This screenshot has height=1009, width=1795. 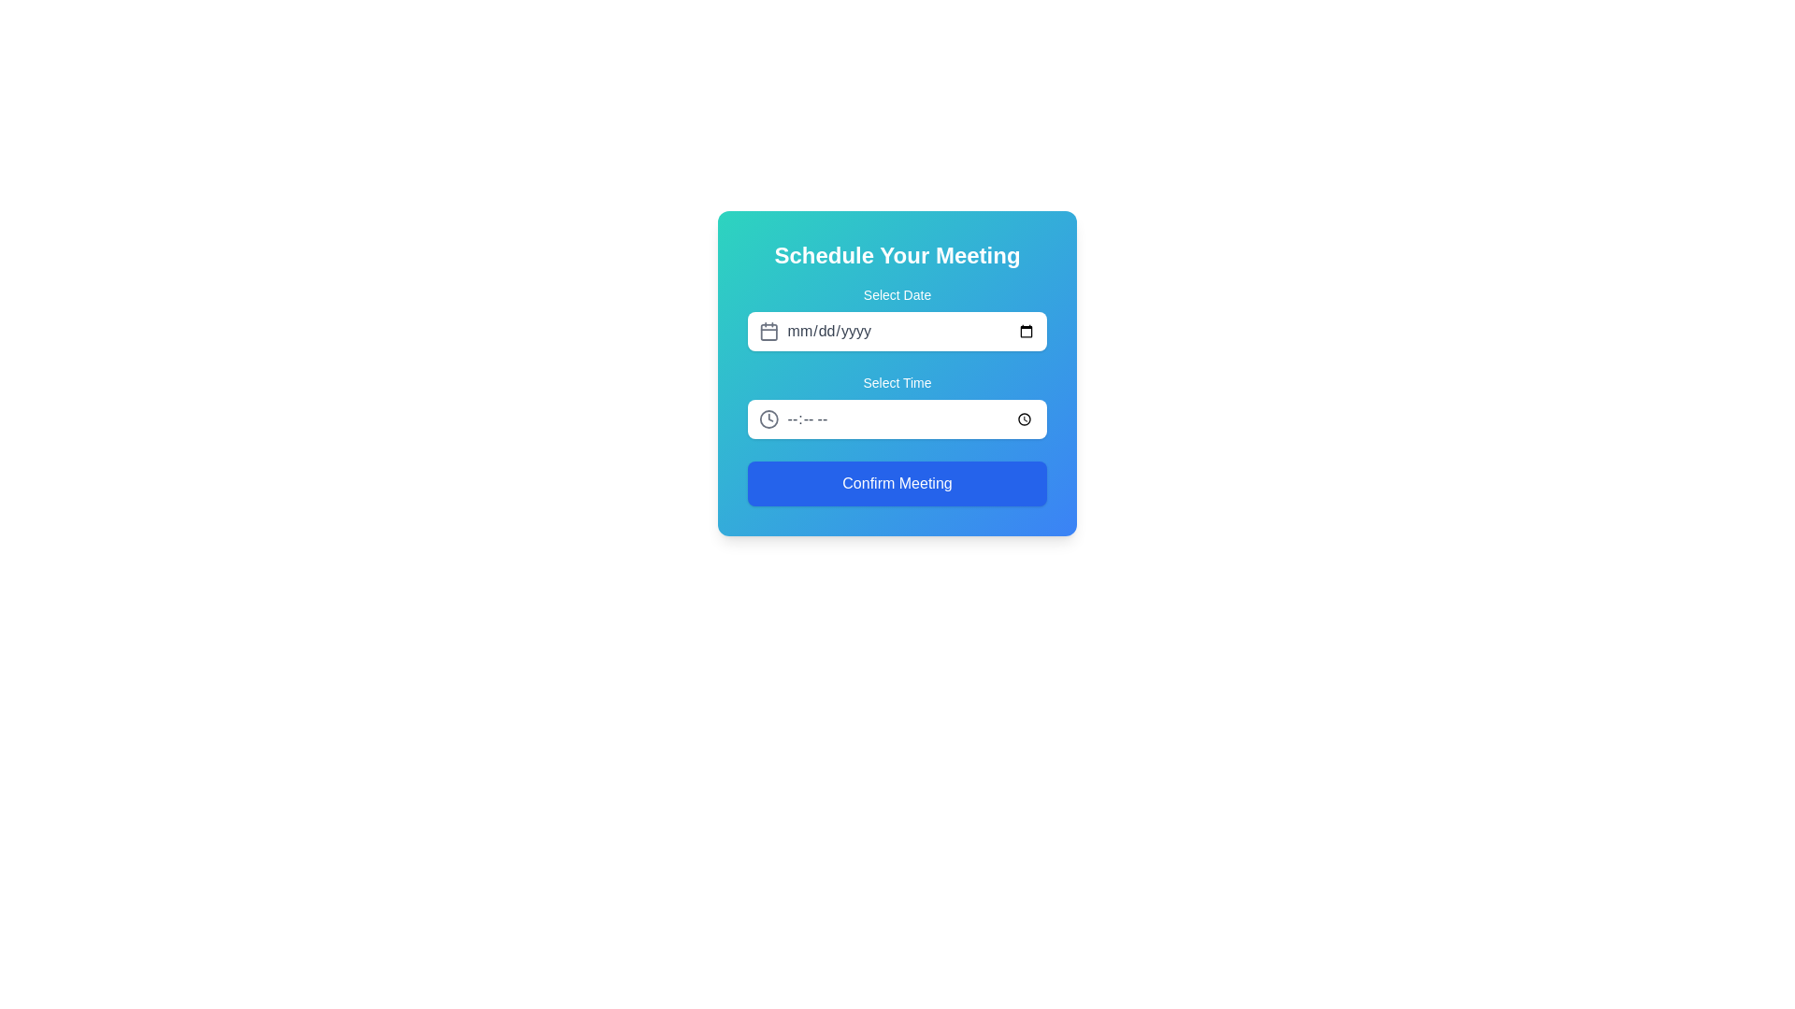 What do you see at coordinates (897, 381) in the screenshot?
I see `the label for the time input field located below the 'Select Date' label in the scheduling interface` at bounding box center [897, 381].